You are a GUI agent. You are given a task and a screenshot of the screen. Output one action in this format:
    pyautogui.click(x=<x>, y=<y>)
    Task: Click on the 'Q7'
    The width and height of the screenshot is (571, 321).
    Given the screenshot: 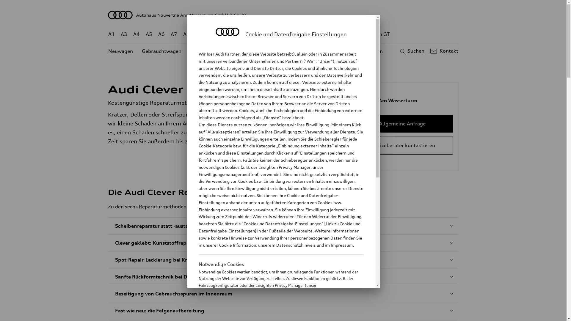 What is the action you would take?
    pyautogui.click(x=266, y=34)
    